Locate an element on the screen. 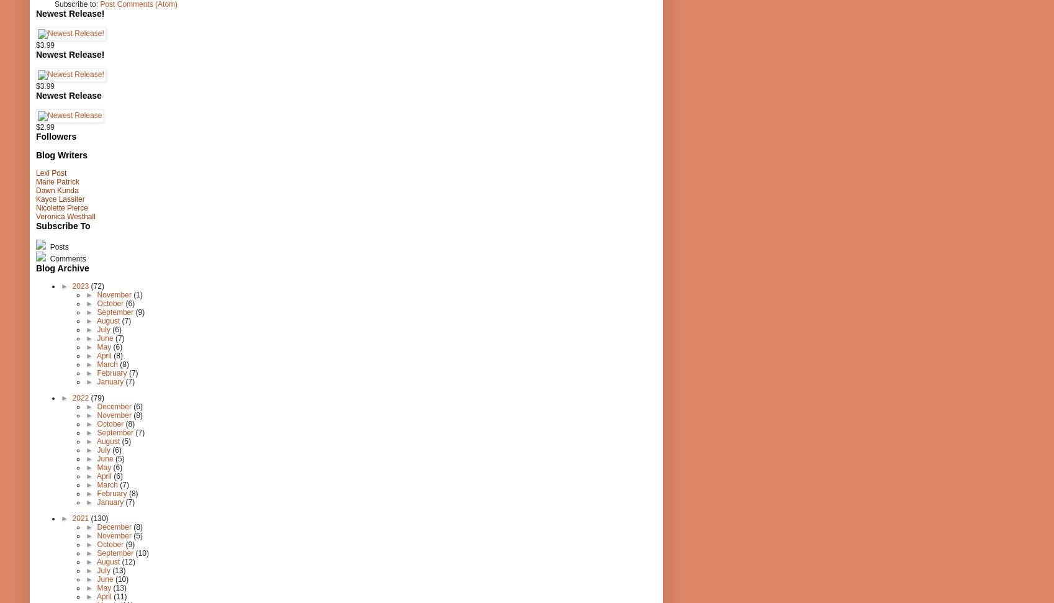 The image size is (1054, 603). 'Veronica Westhall' is located at coordinates (36, 216).